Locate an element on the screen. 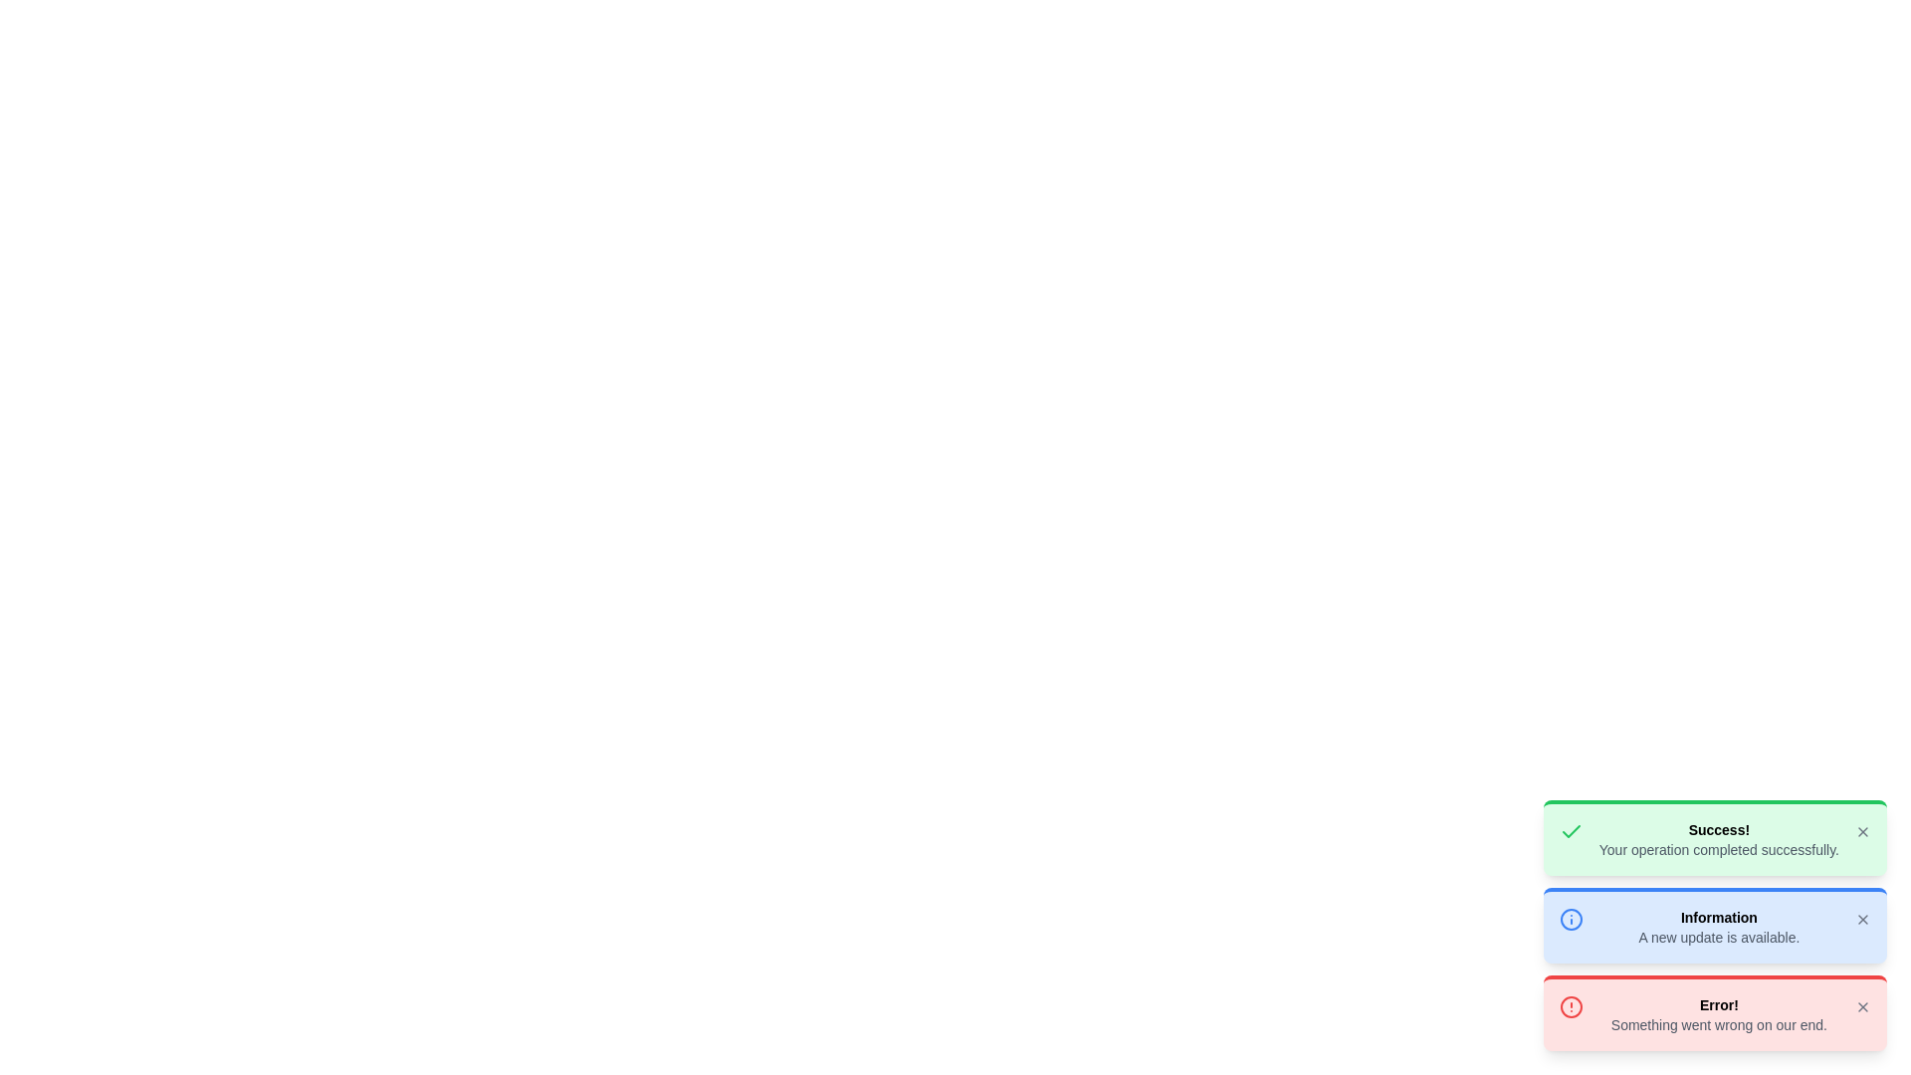 Image resolution: width=1911 pixels, height=1075 pixels. the close button located at the top-right corner of the blue notification card that contains the text 'Information A new update is available.' is located at coordinates (1862, 920).